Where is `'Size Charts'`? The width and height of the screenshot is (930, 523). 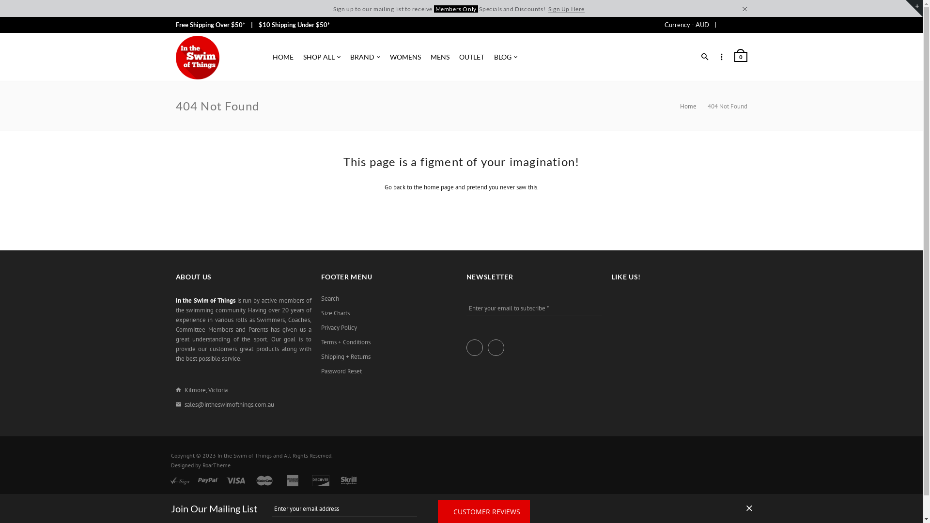
'Size Charts' is located at coordinates (335, 313).